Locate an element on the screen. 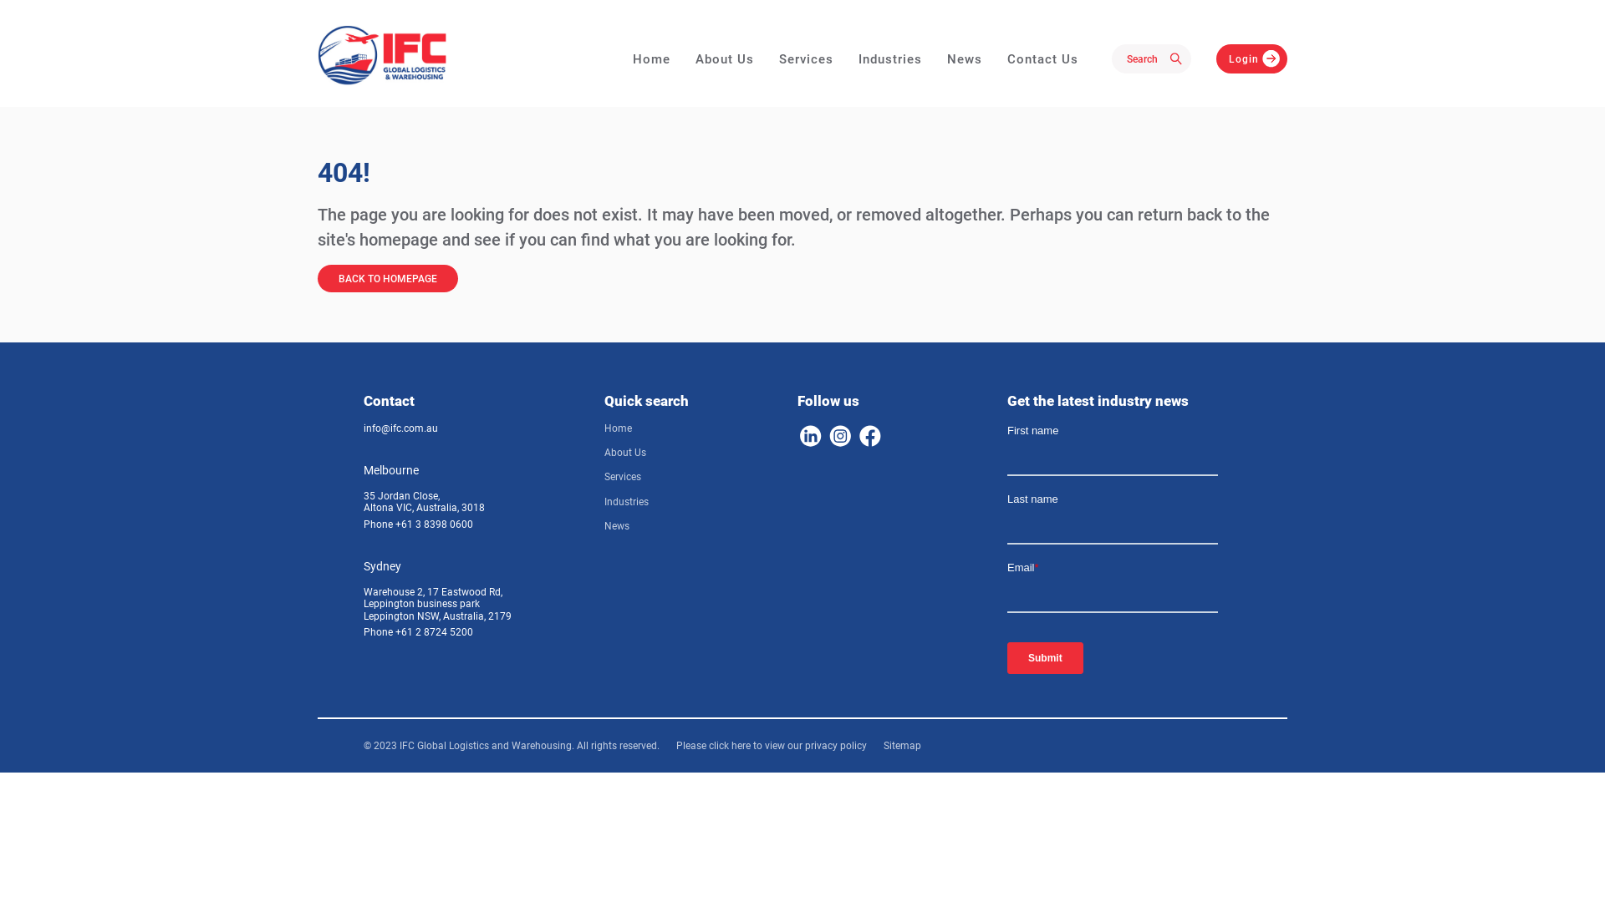  'IFC - Global Logistics & Warehousing' is located at coordinates (381, 54).